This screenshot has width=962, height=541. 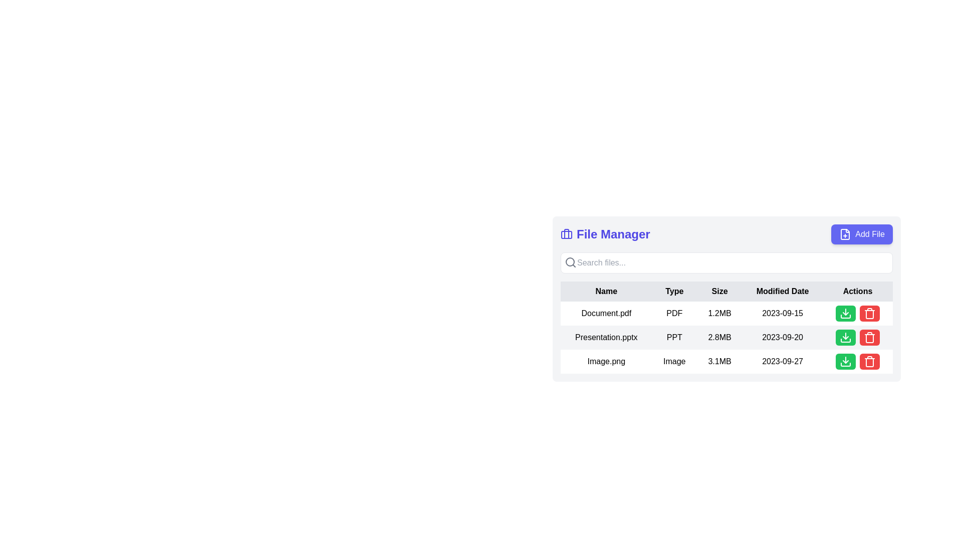 What do you see at coordinates (606, 292) in the screenshot?
I see `the 'Name' header label in the table, which is the leftmost header indicating the values related to file or item names` at bounding box center [606, 292].